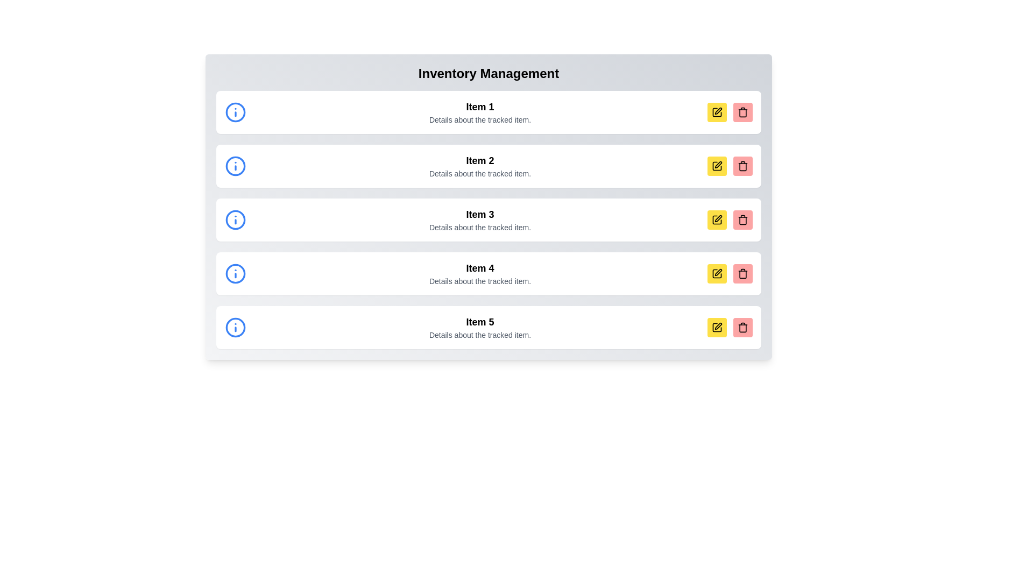 This screenshot has height=581, width=1033. What do you see at coordinates (742, 166) in the screenshot?
I see `the trash icon button, which serves as a delete functionality for the item in the row labeled 'Item 3', located on the rightmost side of the row` at bounding box center [742, 166].